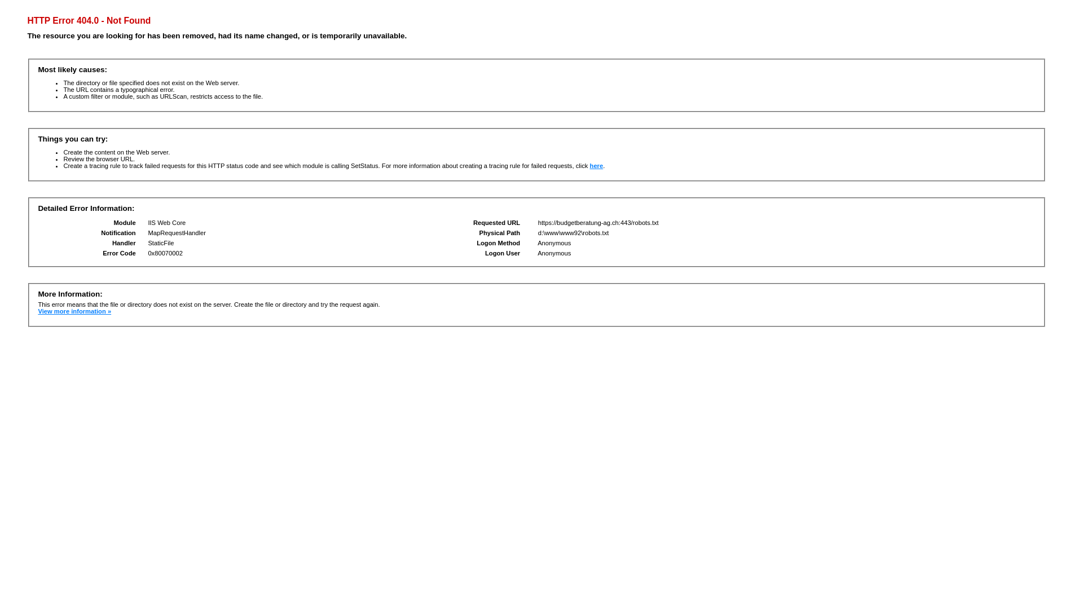 The height and width of the screenshot is (609, 1083). What do you see at coordinates (596, 165) in the screenshot?
I see `'here'` at bounding box center [596, 165].